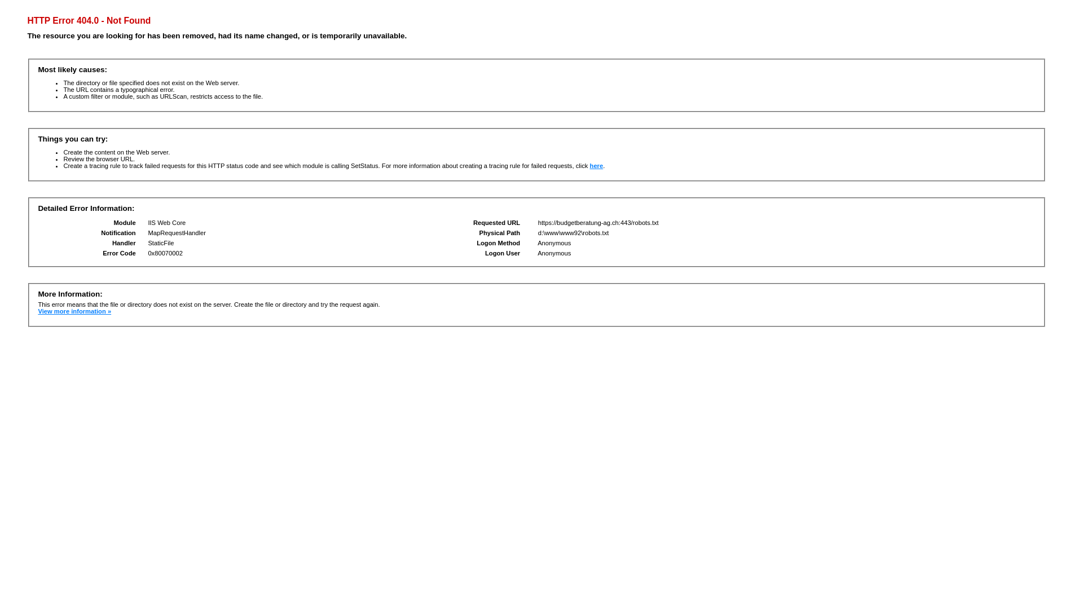 The height and width of the screenshot is (609, 1083). What do you see at coordinates (596, 165) in the screenshot?
I see `'here'` at bounding box center [596, 165].